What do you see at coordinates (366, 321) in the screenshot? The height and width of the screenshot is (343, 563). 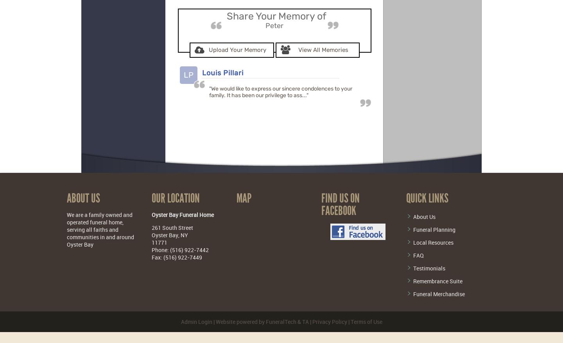 I see `'Terms of Use'` at bounding box center [366, 321].